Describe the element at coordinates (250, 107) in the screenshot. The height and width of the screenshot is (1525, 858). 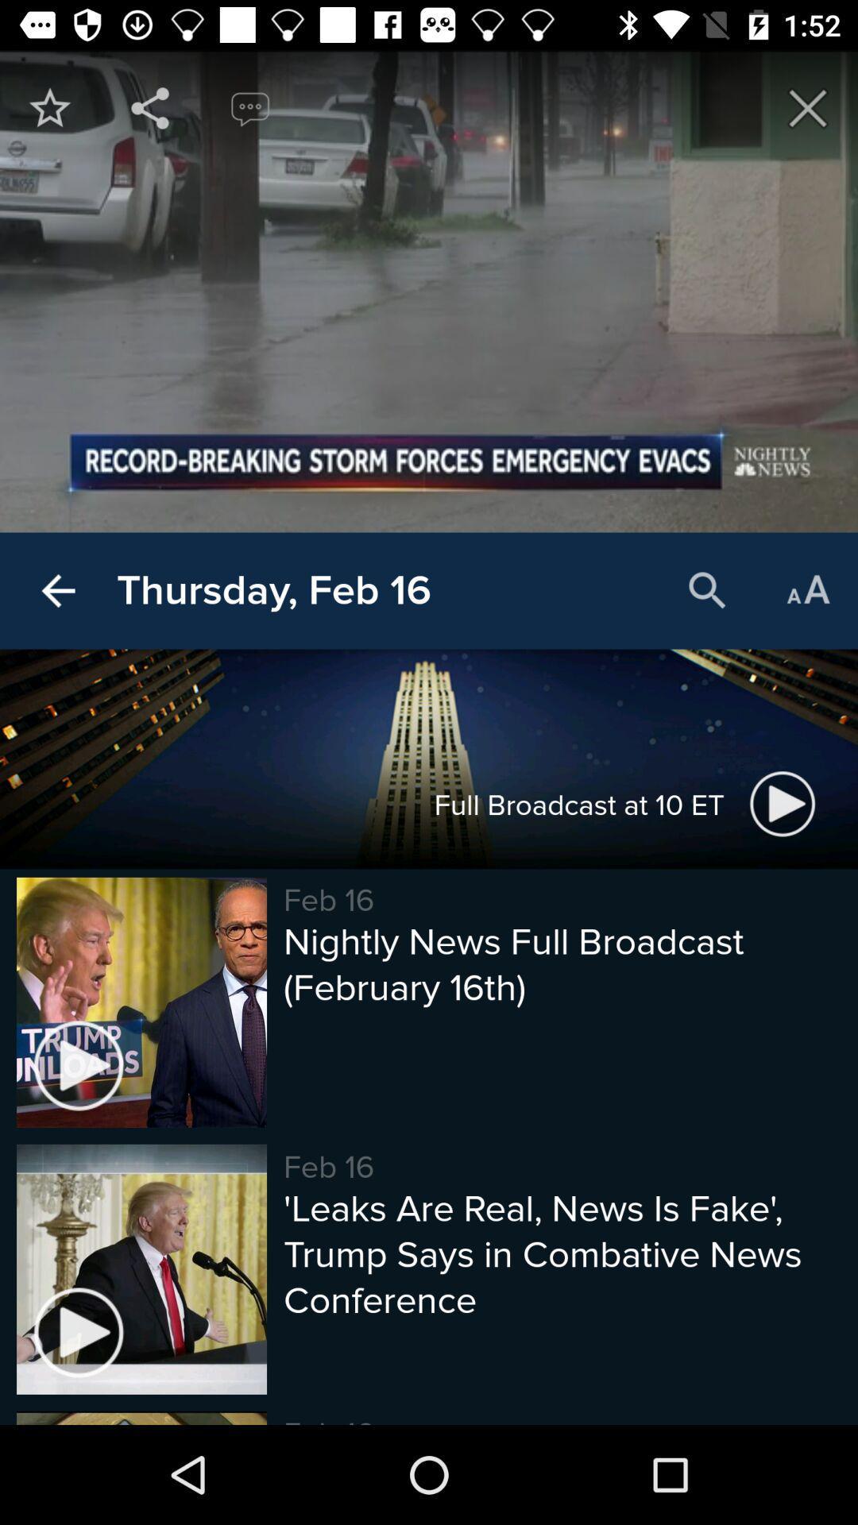
I see `the comments` at that location.